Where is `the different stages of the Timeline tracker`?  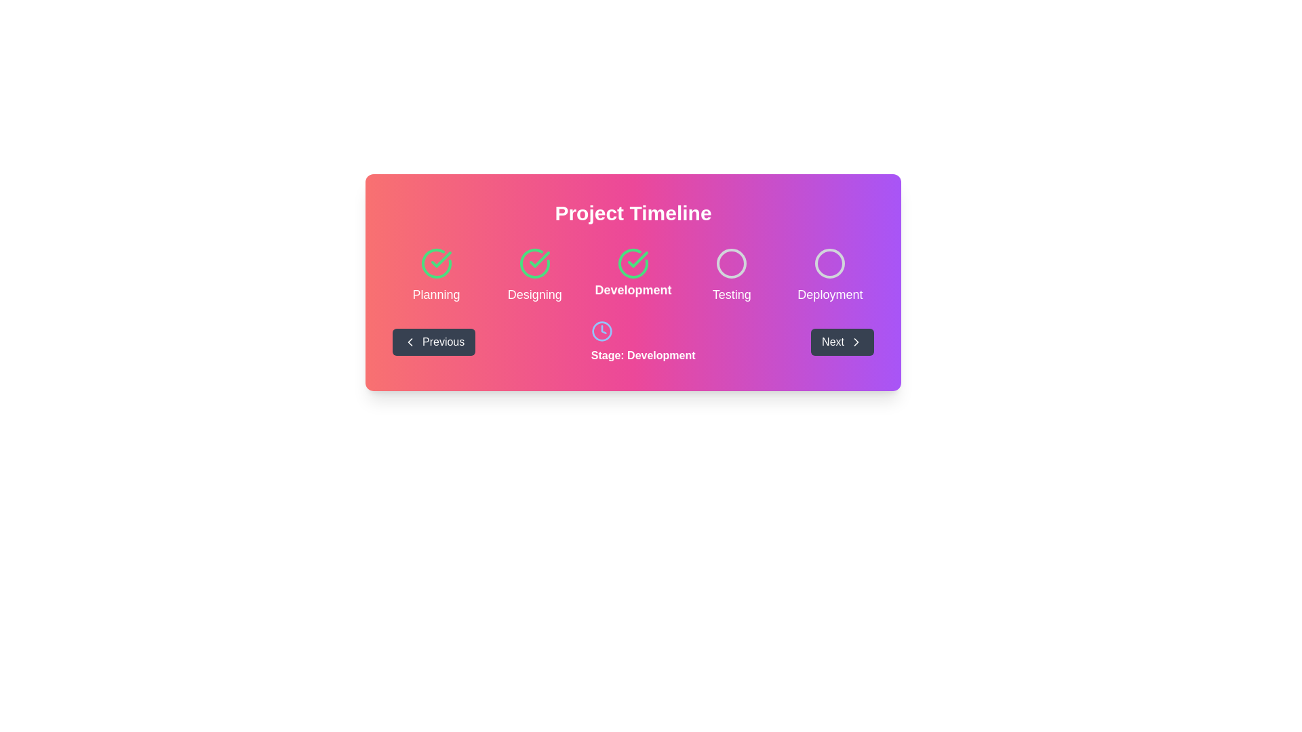 the different stages of the Timeline tracker is located at coordinates (633, 281).